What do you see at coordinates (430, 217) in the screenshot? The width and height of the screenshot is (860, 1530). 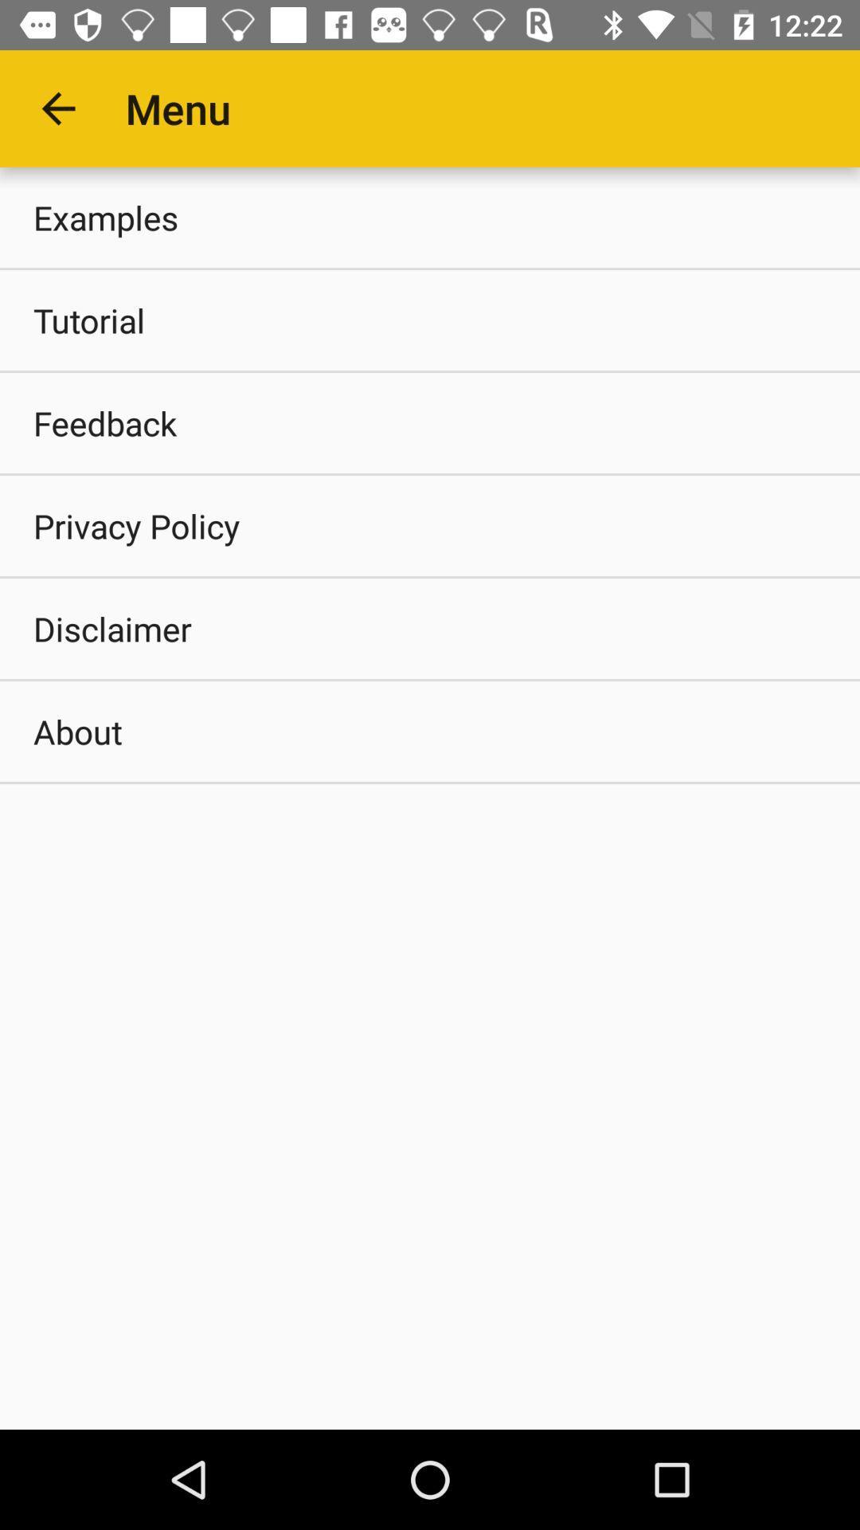 I see `examples` at bounding box center [430, 217].